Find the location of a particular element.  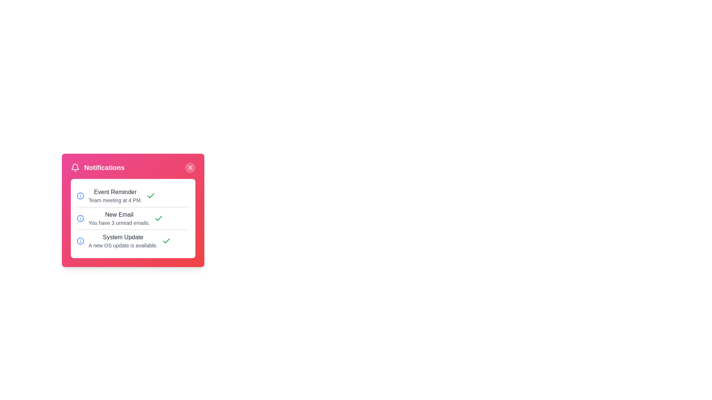

the informational icon (circular graphical icon with a blue outline) located in the notifications card under the 'New Email' entry, positioned to the left of the accompanying text is located at coordinates (80, 195).